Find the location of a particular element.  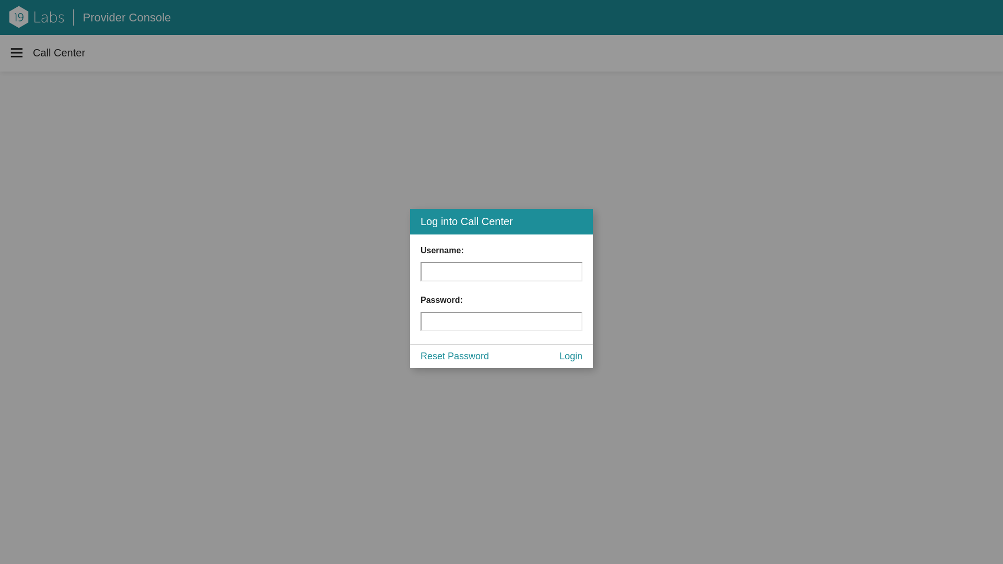

'Reset Password' is located at coordinates (454, 356).